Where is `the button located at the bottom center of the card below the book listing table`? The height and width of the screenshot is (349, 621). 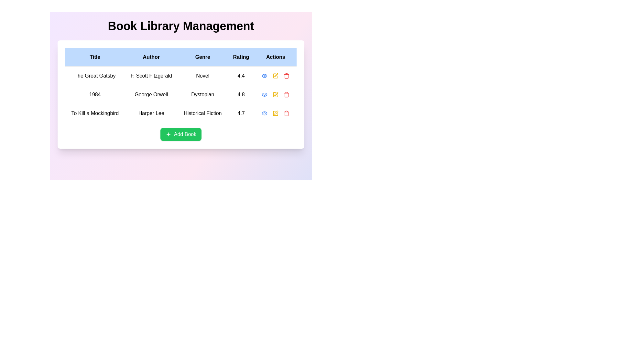 the button located at the bottom center of the card below the book listing table is located at coordinates (181, 134).